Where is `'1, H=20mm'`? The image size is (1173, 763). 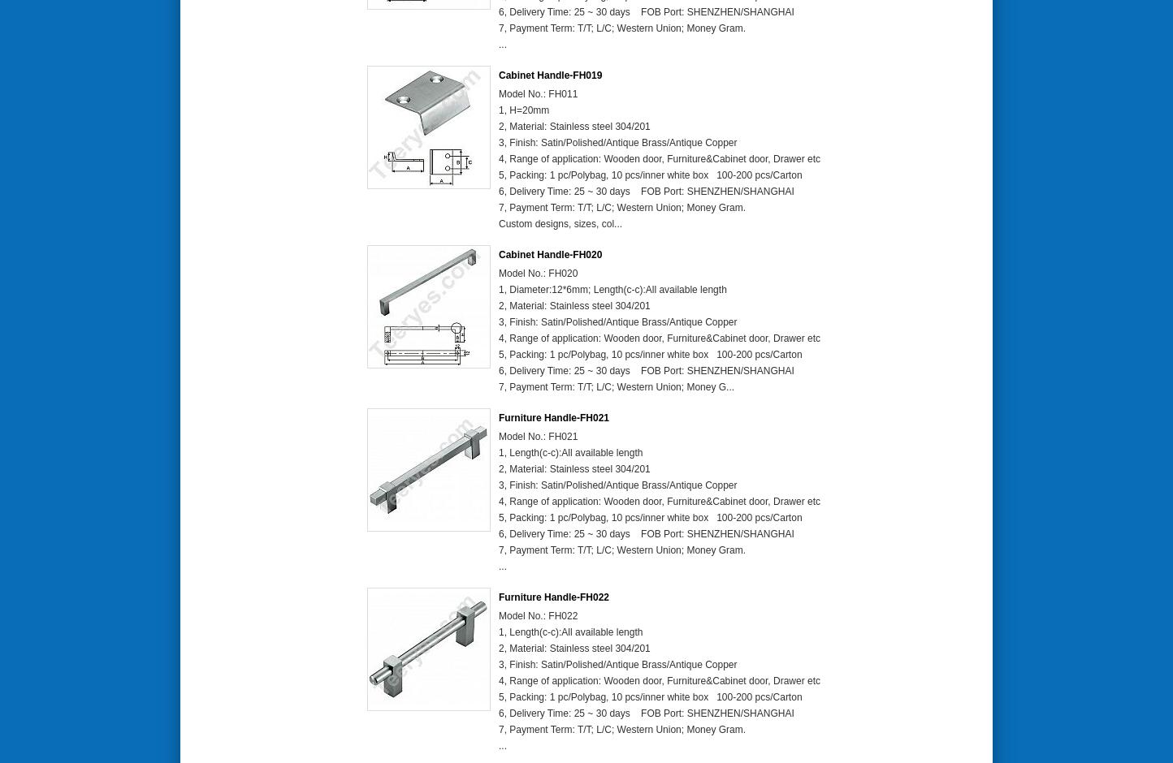
'1, H=20mm' is located at coordinates (524, 110).